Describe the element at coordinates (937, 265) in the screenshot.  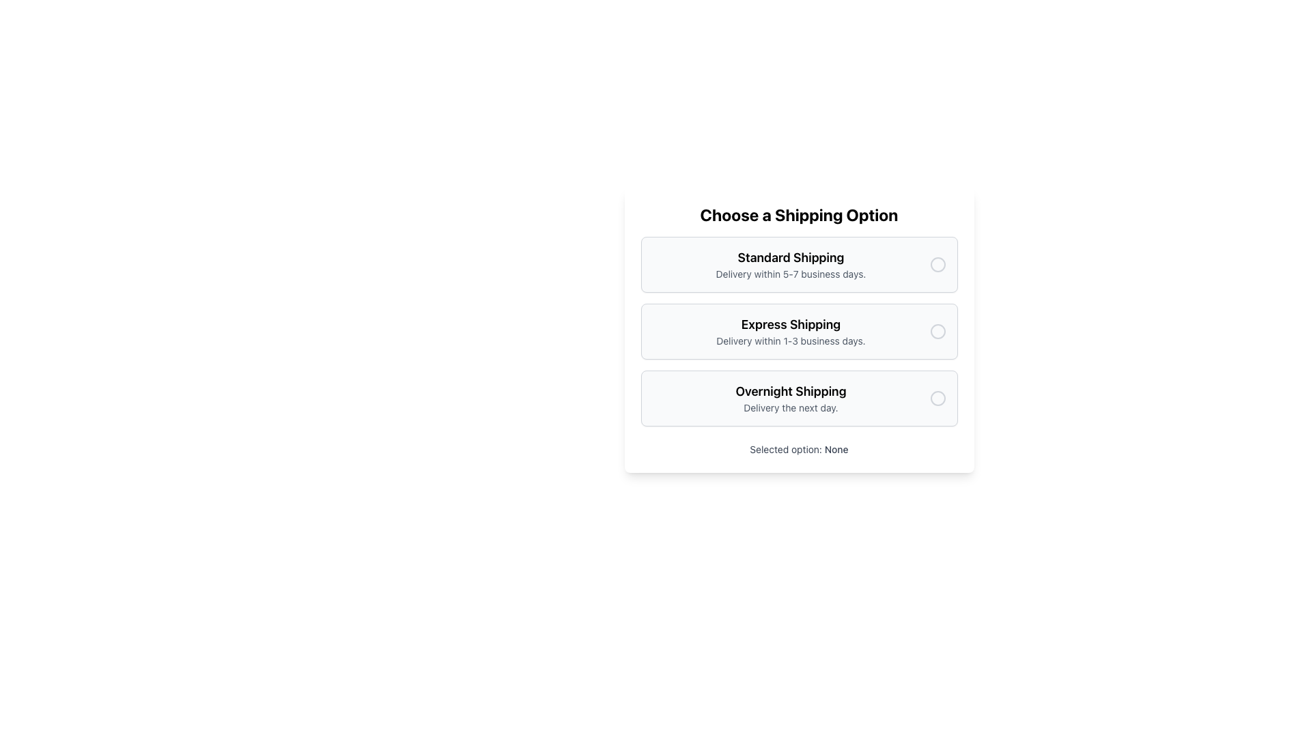
I see `the circular radio button styled as a hollow circle located to the right of the 'Standard Shipping' text` at that location.